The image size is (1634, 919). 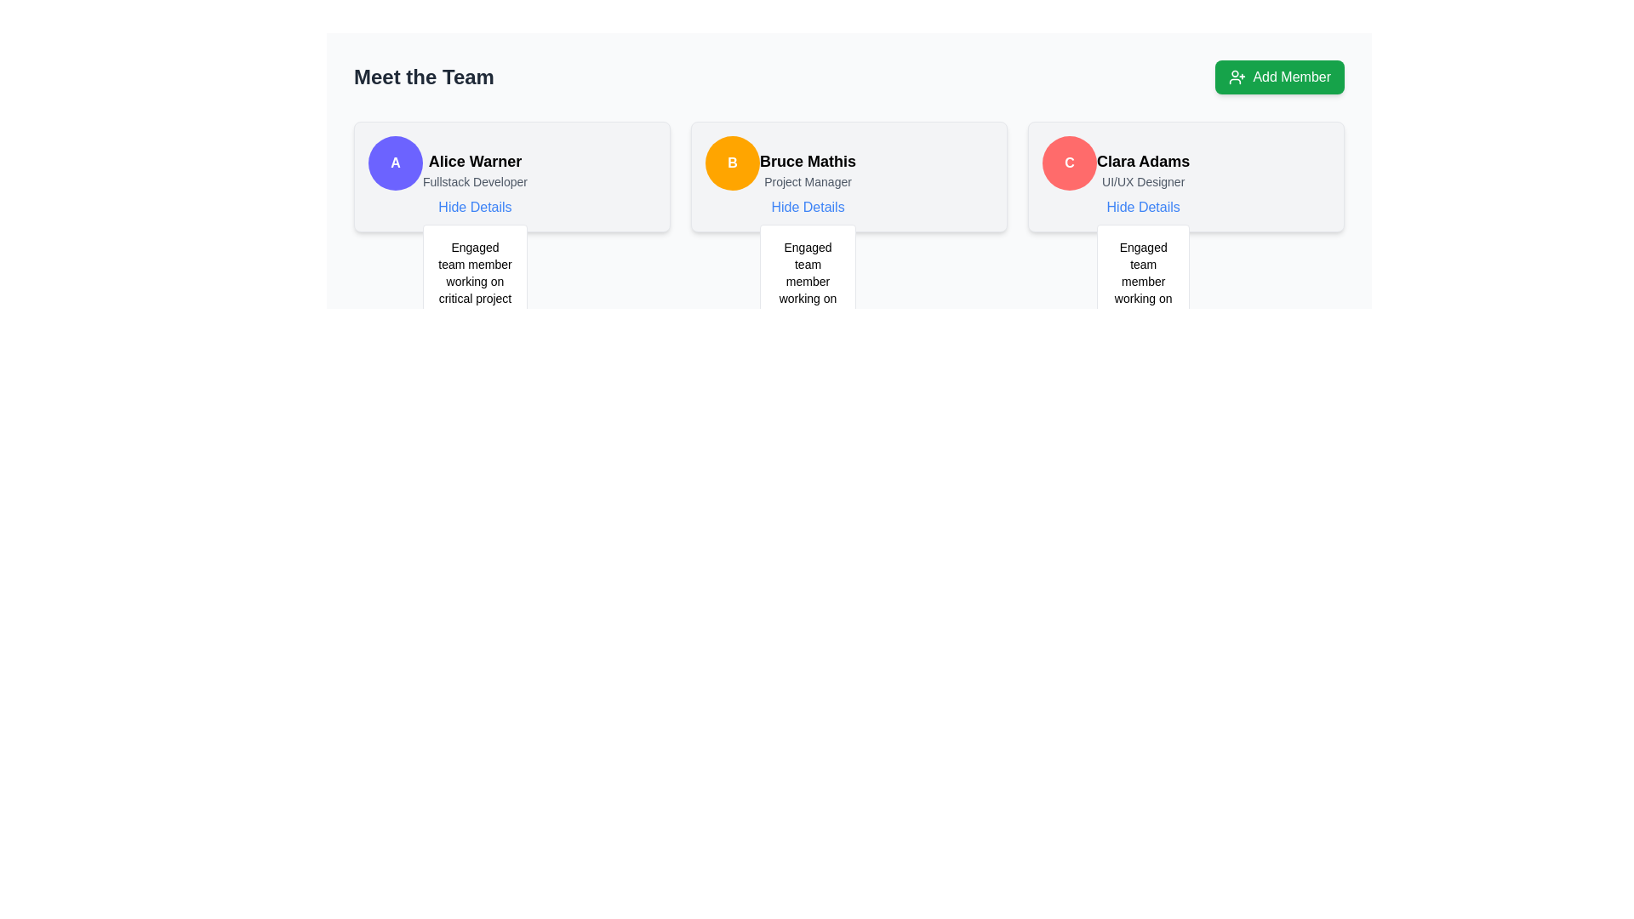 What do you see at coordinates (732, 163) in the screenshot?
I see `the Avatar placeholder representing Bruce Mathis's initial in the top-left corner of his card, if interaction is enabled` at bounding box center [732, 163].